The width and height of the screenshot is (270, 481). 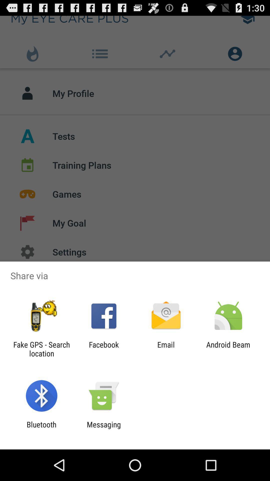 What do you see at coordinates (103, 429) in the screenshot?
I see `messaging item` at bounding box center [103, 429].